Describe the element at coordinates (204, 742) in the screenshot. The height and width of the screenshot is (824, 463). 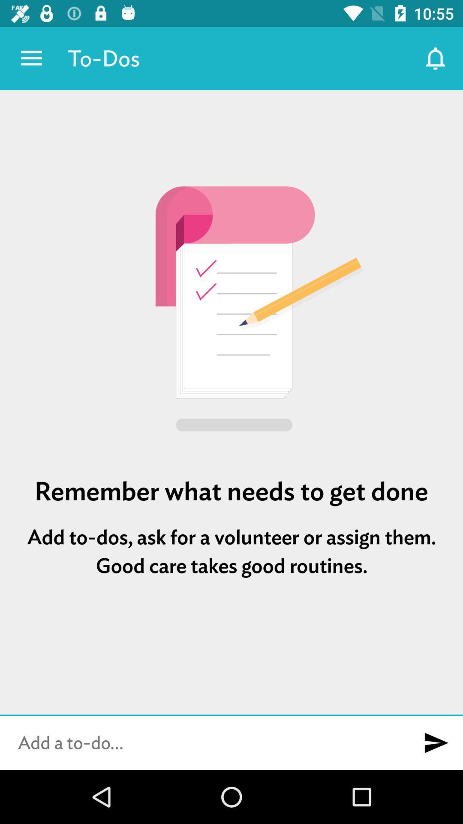
I see `do do list text box` at that location.